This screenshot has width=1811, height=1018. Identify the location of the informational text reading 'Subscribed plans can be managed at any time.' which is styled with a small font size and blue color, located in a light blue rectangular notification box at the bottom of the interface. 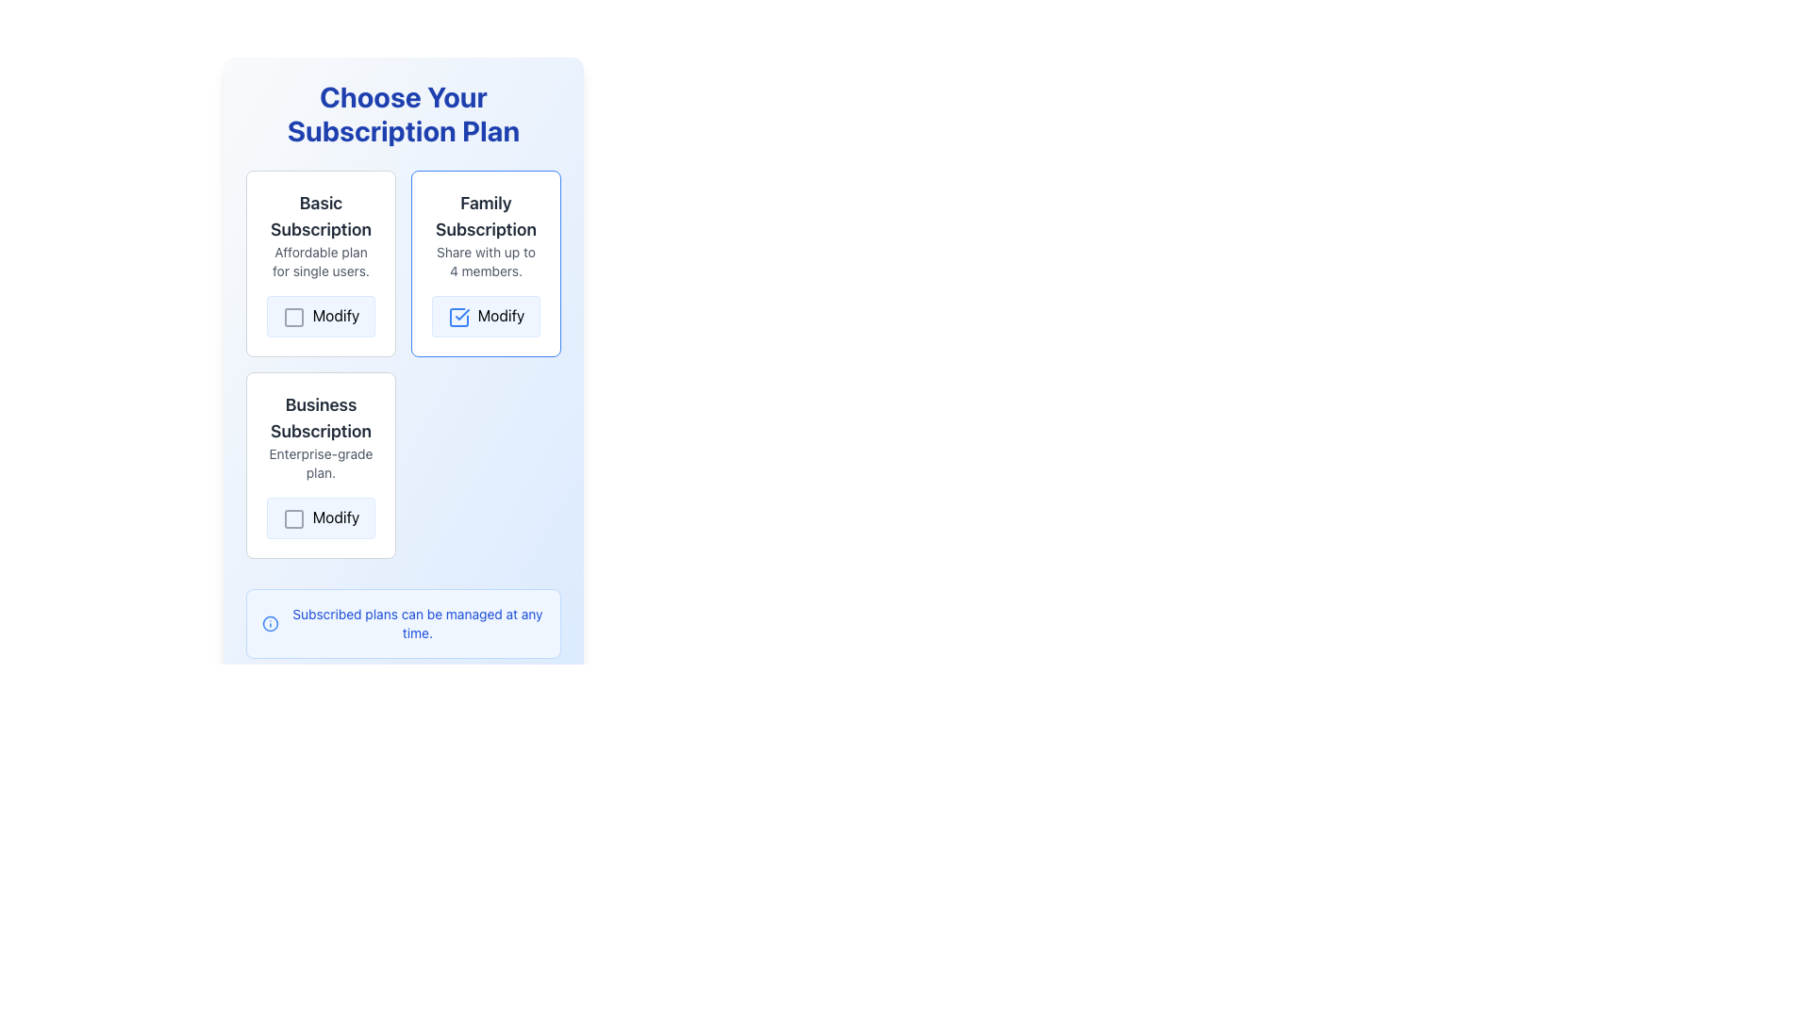
(416, 623).